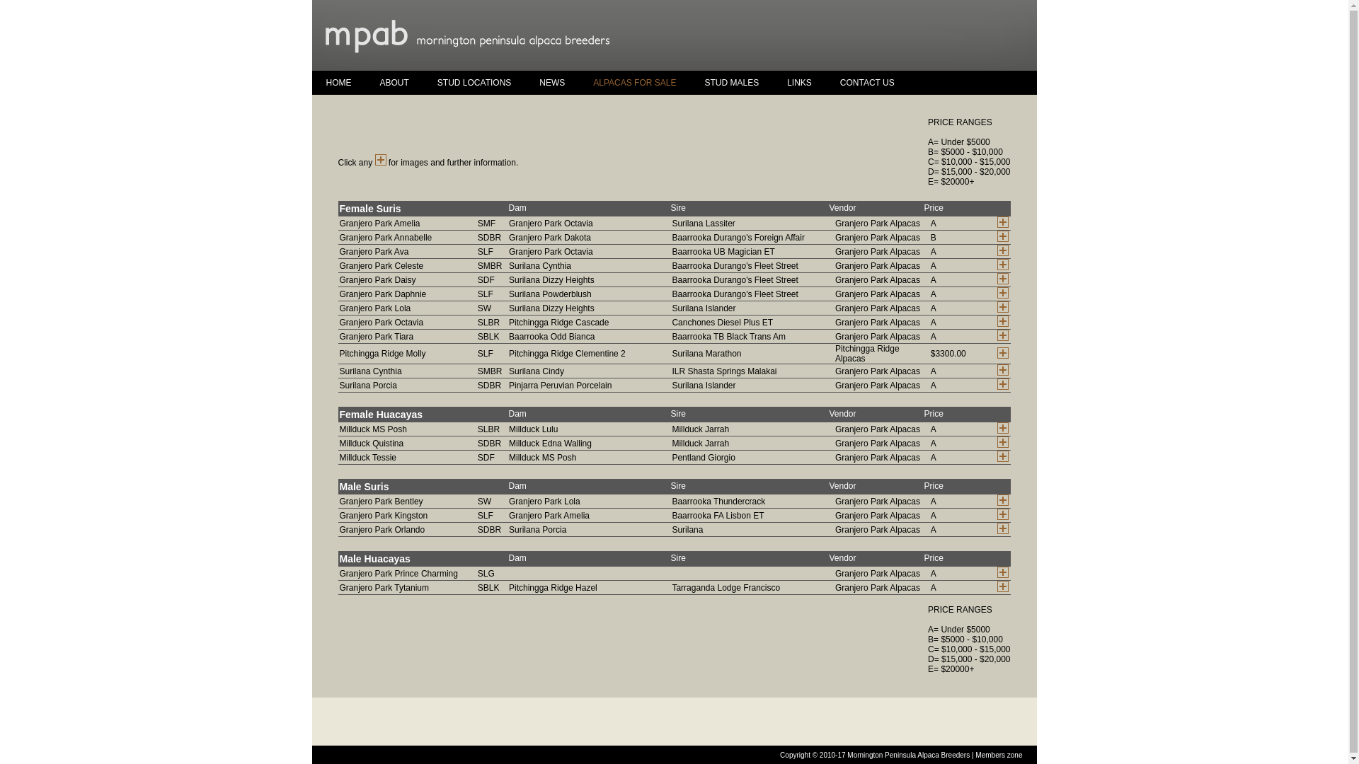 Image resolution: width=1359 pixels, height=764 pixels. What do you see at coordinates (689, 82) in the screenshot?
I see `'STUD MALES'` at bounding box center [689, 82].